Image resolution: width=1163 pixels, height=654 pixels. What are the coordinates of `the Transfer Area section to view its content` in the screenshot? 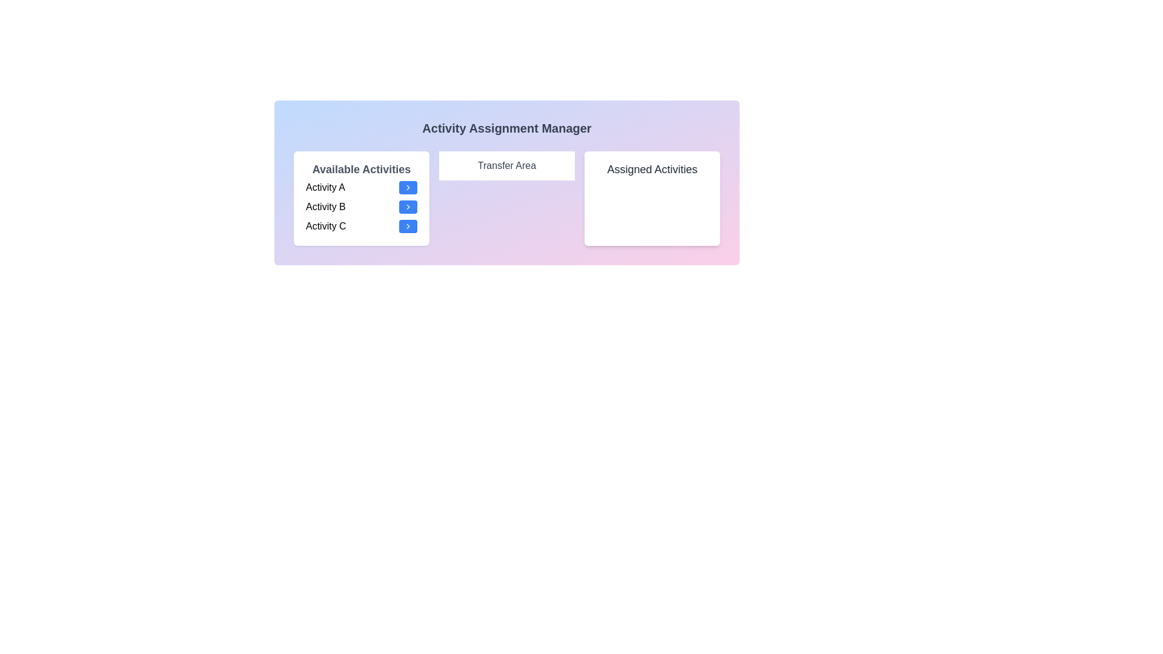 It's located at (506, 165).